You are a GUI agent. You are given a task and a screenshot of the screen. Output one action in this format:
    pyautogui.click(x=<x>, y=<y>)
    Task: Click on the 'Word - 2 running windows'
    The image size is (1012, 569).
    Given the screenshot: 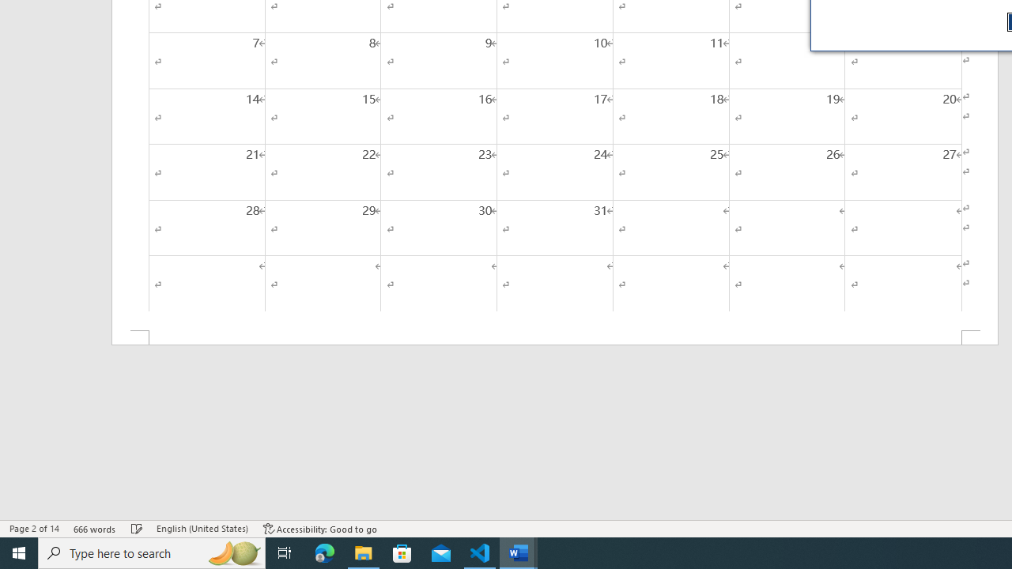 What is the action you would take?
    pyautogui.click(x=519, y=552)
    